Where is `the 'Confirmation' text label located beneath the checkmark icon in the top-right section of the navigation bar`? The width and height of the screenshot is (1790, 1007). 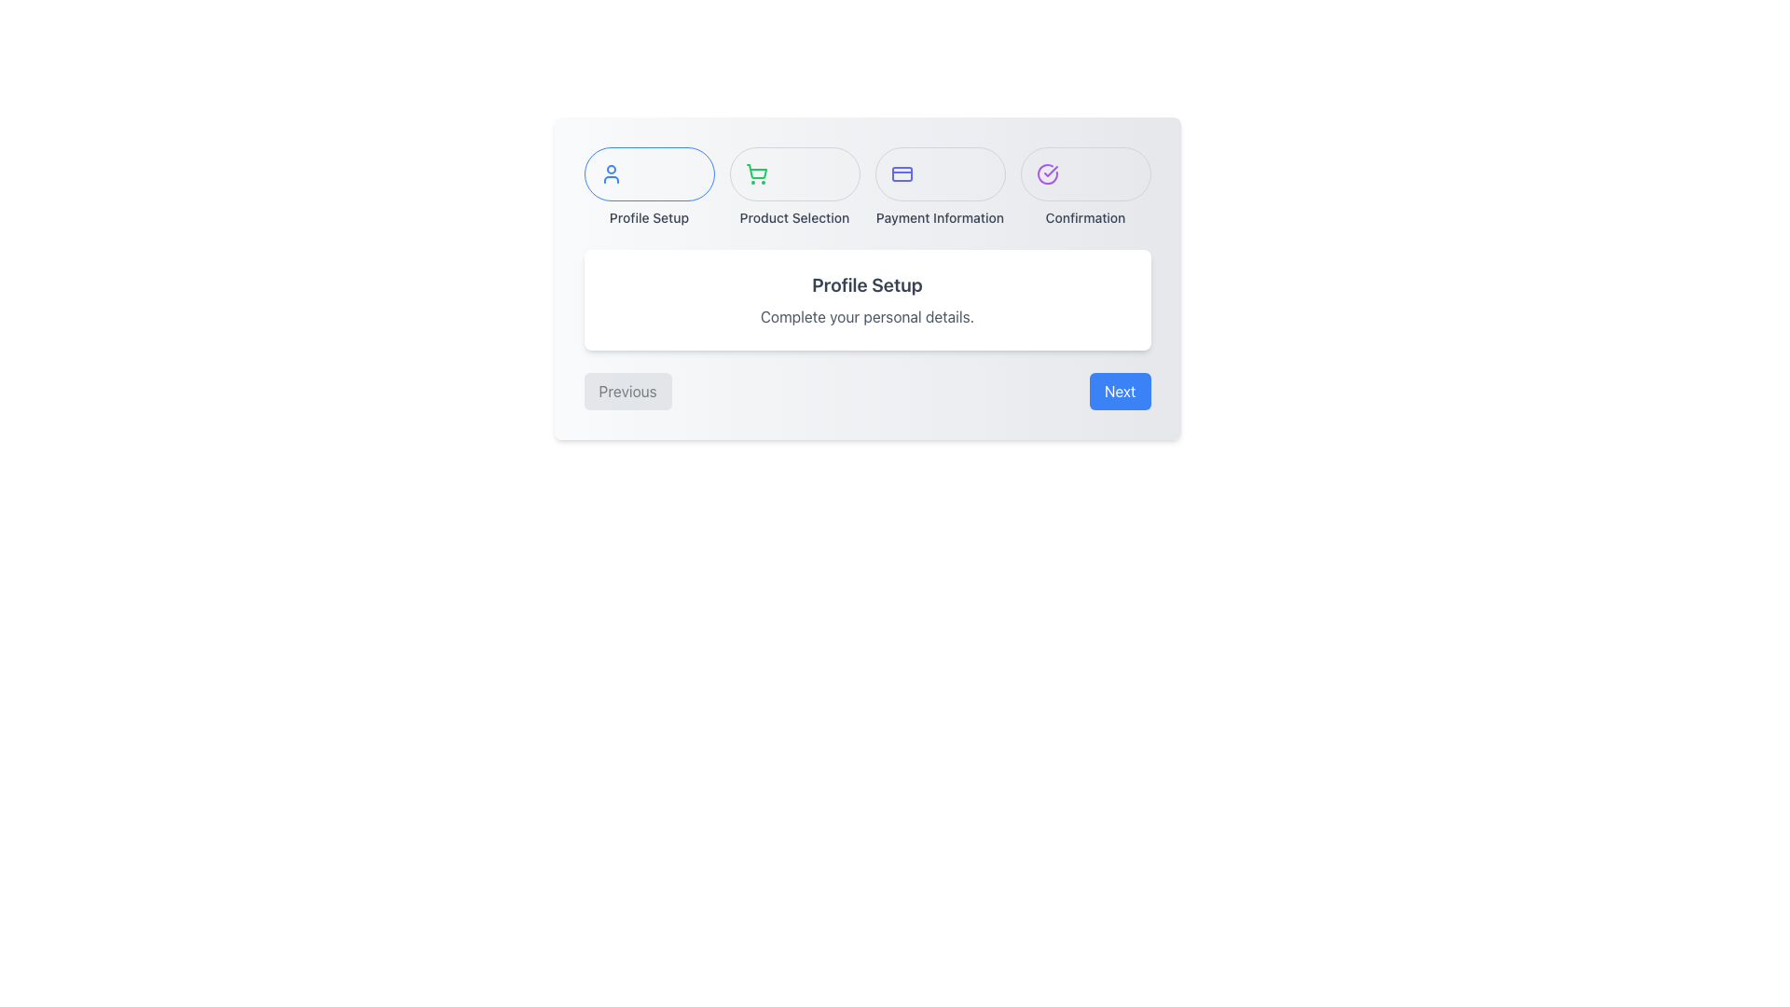 the 'Confirmation' text label located beneath the checkmark icon in the top-right section of the navigation bar is located at coordinates (1085, 217).